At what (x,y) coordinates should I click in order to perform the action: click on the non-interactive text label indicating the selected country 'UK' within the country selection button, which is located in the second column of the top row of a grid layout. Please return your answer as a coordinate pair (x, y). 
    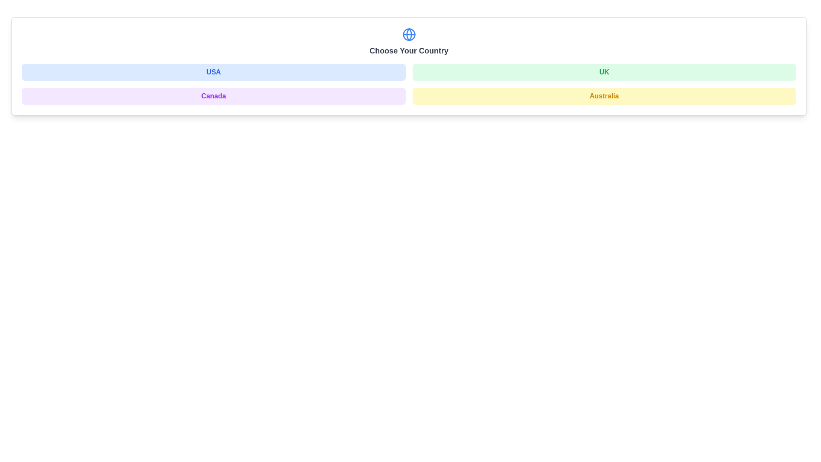
    Looking at the image, I should click on (604, 72).